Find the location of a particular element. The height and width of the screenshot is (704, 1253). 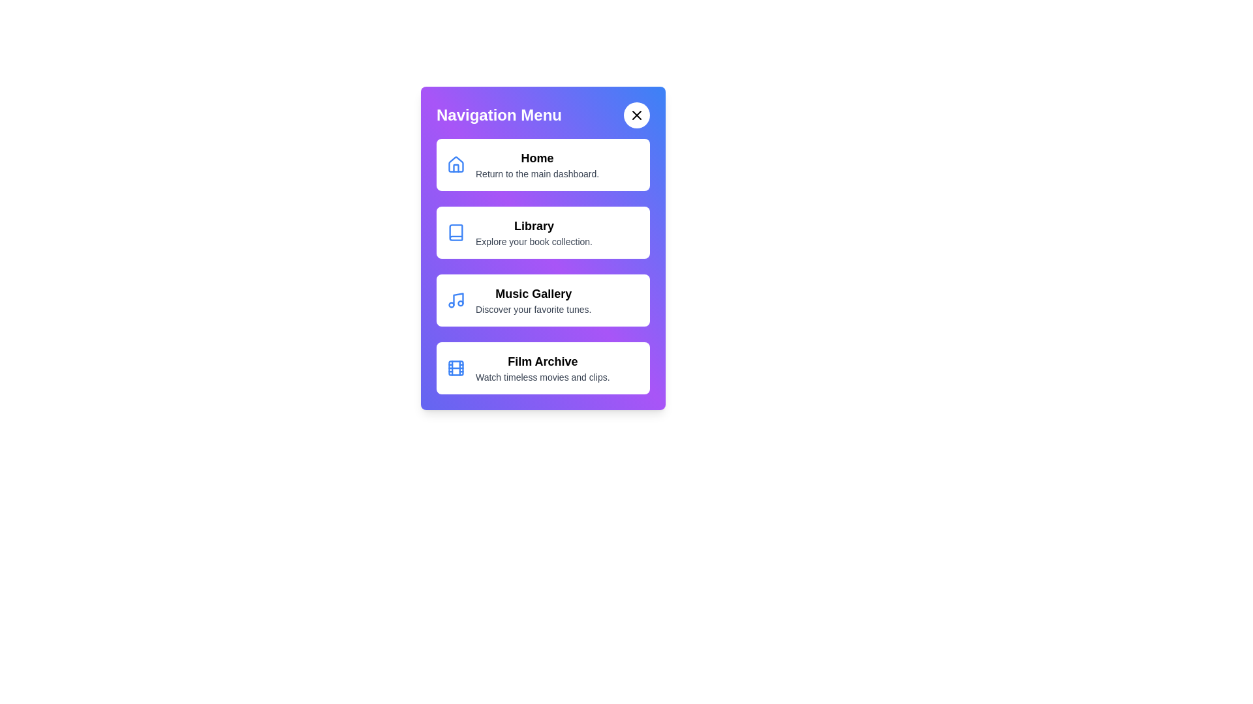

toggle button at the top right corner of the menu to toggle its visibility is located at coordinates (636, 115).